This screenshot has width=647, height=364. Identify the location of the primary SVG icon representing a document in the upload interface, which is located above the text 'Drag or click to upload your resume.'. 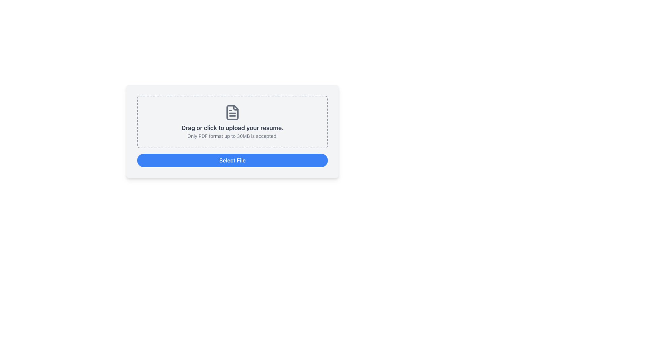
(233, 112).